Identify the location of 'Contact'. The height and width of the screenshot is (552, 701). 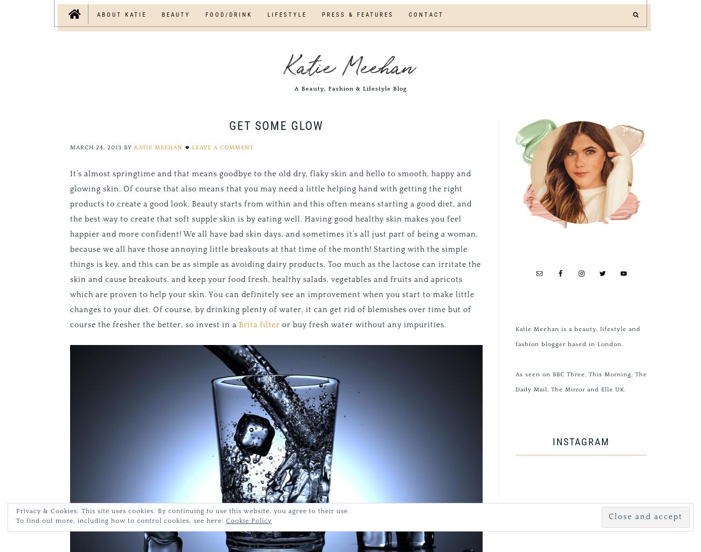
(425, 15).